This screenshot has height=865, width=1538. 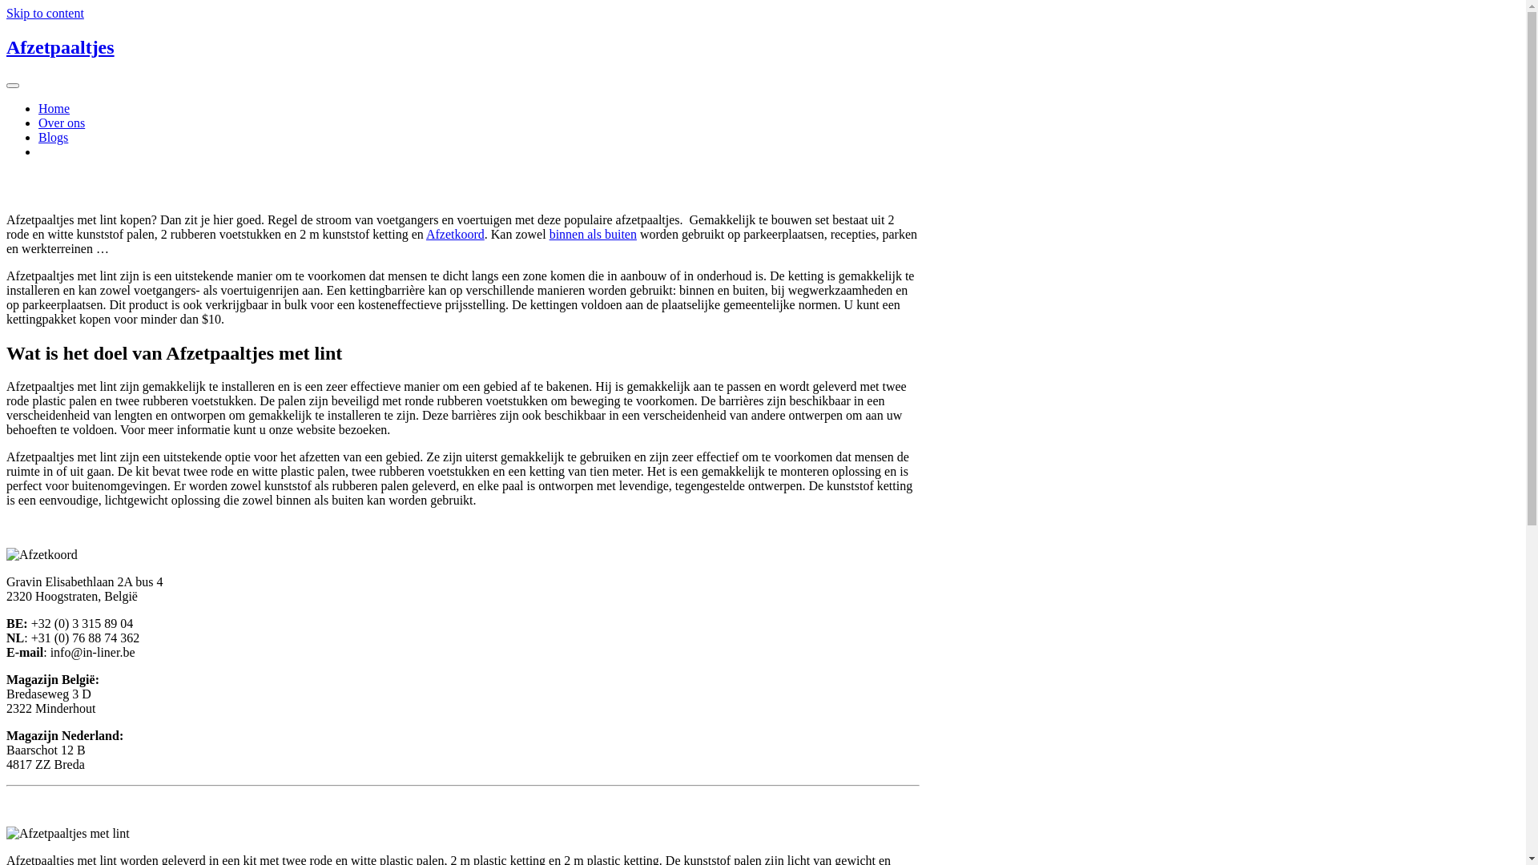 What do you see at coordinates (60, 46) in the screenshot?
I see `'Afzetpaaltjes'` at bounding box center [60, 46].